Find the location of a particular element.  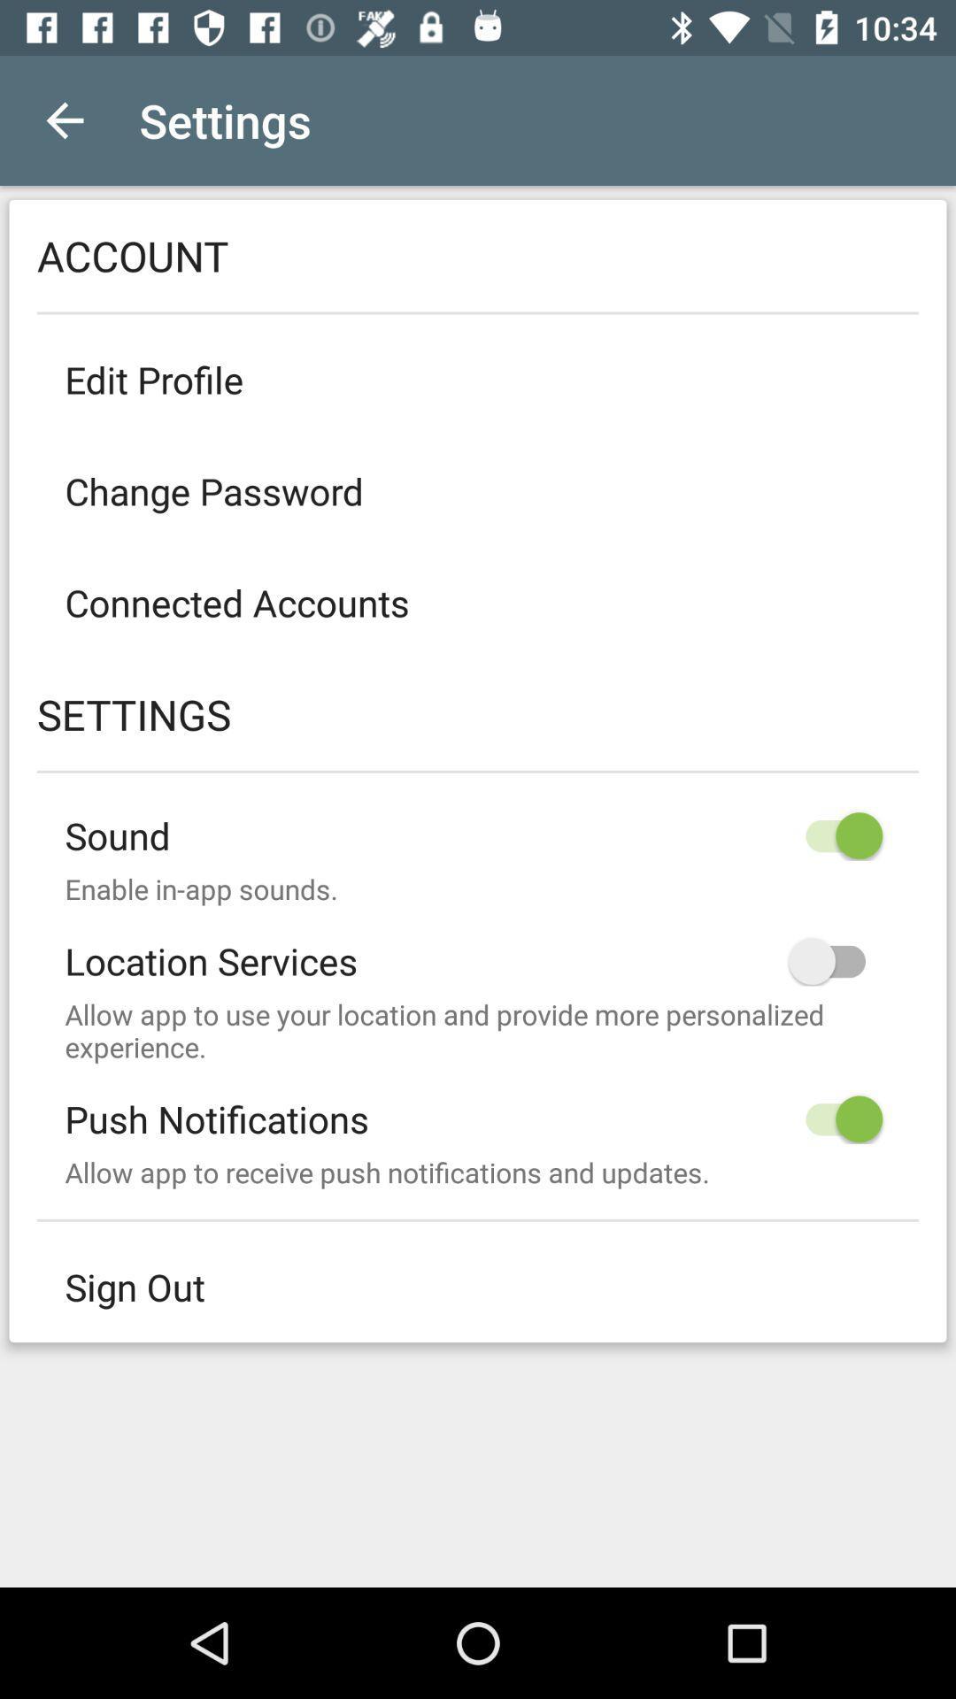

the icon below the edit profile item is located at coordinates (478, 491).